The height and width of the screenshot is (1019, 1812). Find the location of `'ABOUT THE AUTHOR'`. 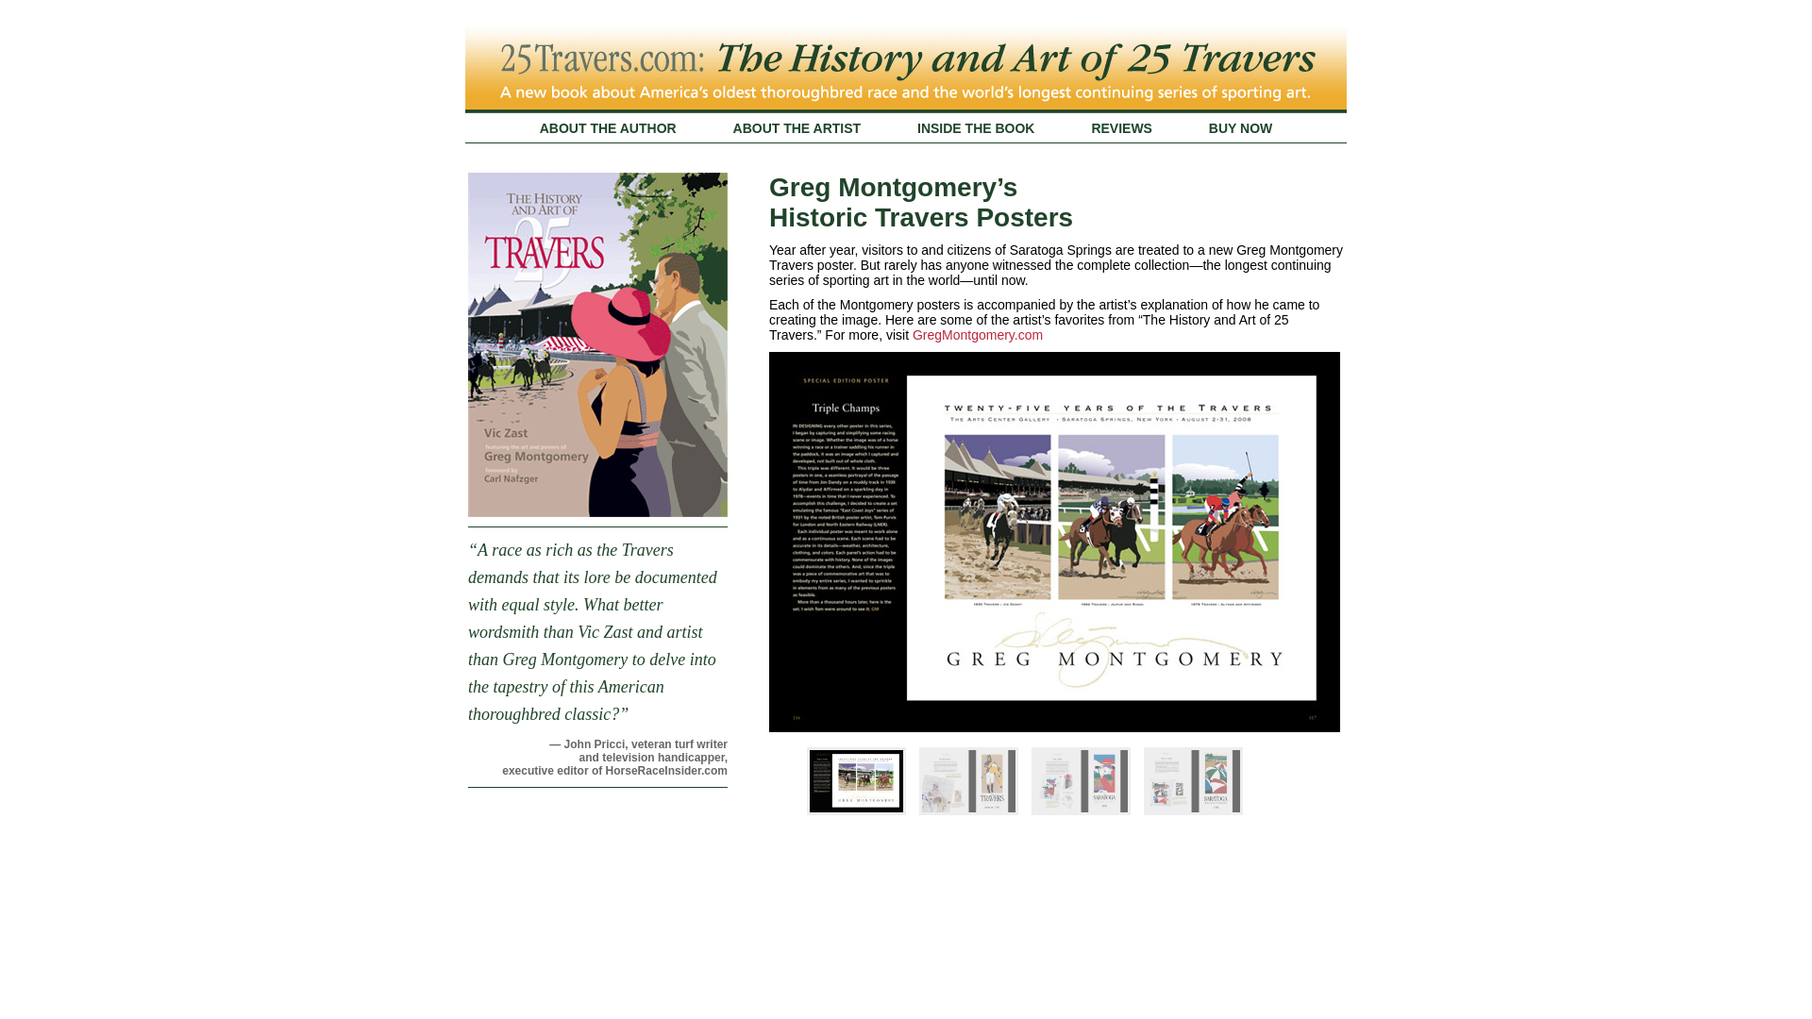

'ABOUT THE AUTHOR' is located at coordinates (608, 127).